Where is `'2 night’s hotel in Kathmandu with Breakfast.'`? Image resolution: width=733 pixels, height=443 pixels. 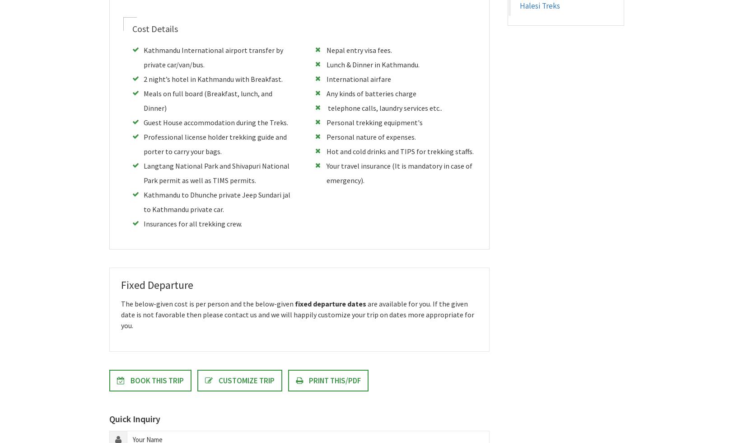 '2 night’s hotel in Kathmandu with Breakfast.' is located at coordinates (212, 79).